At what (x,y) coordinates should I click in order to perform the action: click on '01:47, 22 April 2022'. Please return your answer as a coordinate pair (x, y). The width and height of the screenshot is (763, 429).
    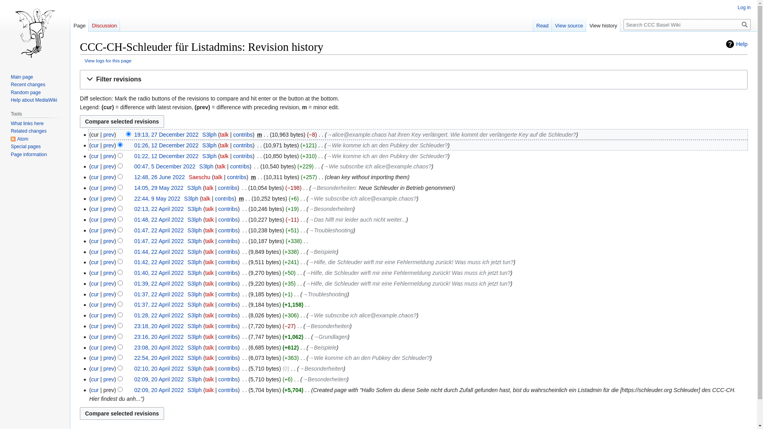
    Looking at the image, I should click on (159, 240).